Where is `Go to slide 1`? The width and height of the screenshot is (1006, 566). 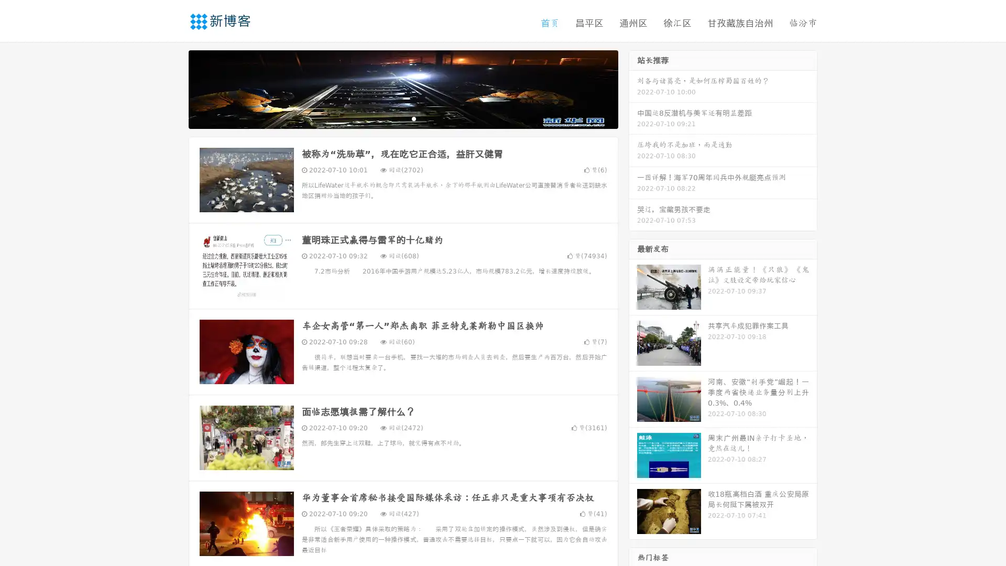
Go to slide 1 is located at coordinates (392, 118).